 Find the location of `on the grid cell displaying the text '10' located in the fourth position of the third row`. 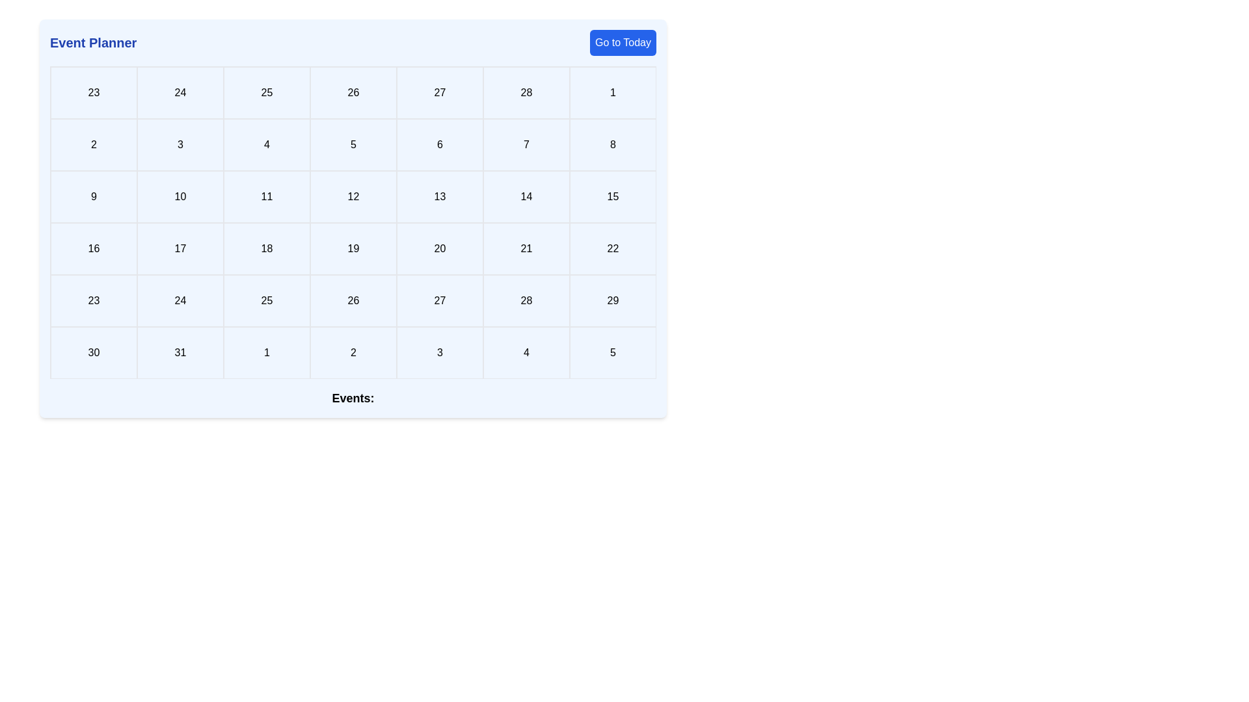

on the grid cell displaying the text '10' located in the fourth position of the third row is located at coordinates (180, 197).